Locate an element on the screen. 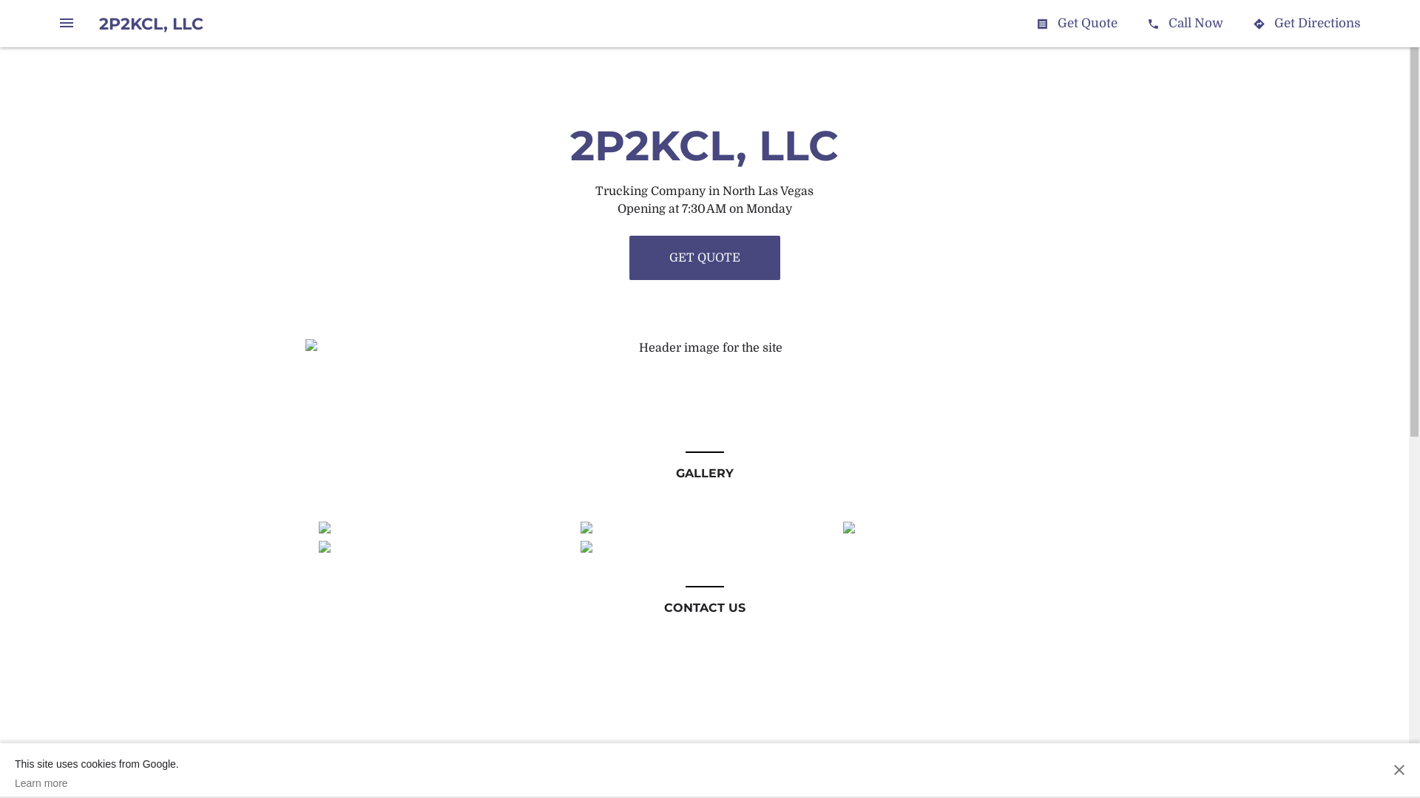 This screenshot has height=798, width=1420. 'GET QUOTE' is located at coordinates (703, 256).